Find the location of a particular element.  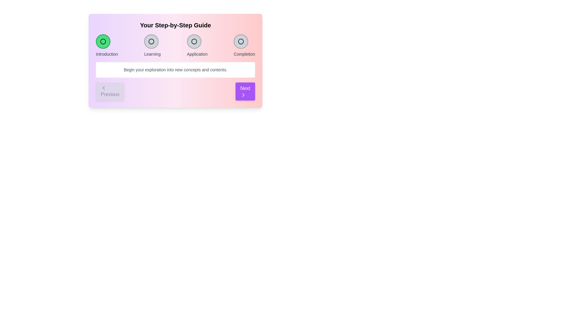

the arrow icon within the purple 'Next' button located in the bottom-right corner of the central card interface is located at coordinates (243, 95).